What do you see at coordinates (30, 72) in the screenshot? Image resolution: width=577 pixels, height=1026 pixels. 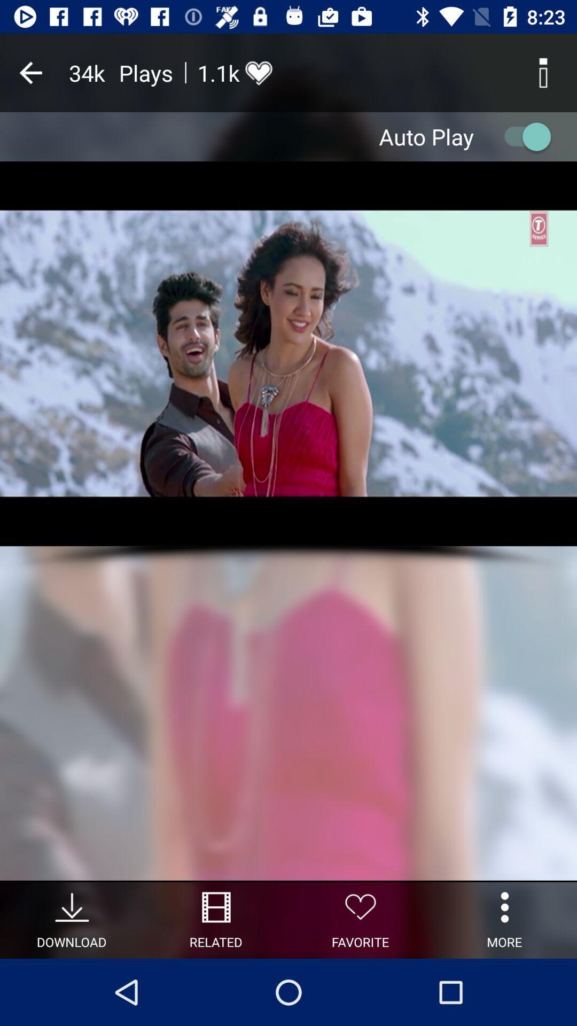 I see `go back` at bounding box center [30, 72].